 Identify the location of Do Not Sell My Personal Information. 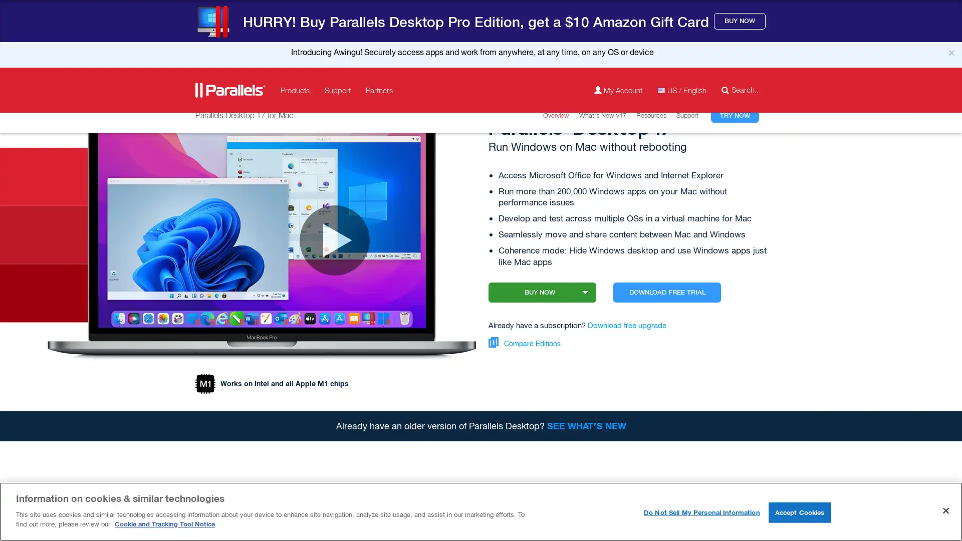
(701, 512).